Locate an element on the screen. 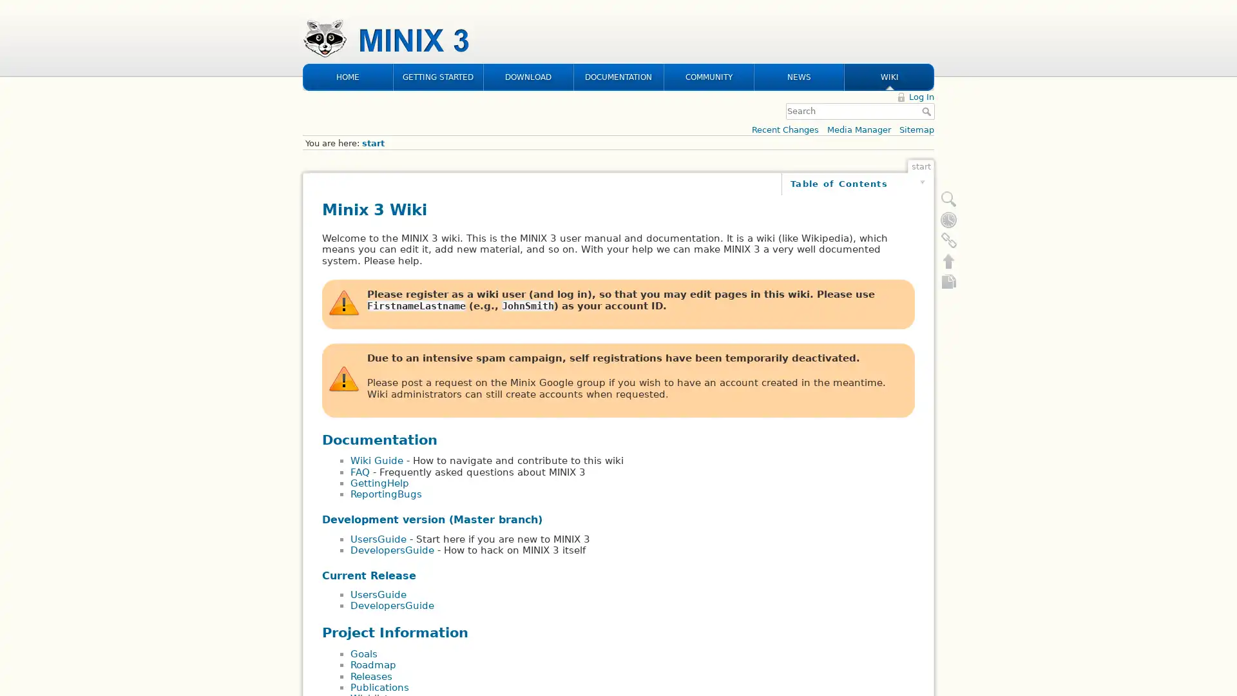  Search is located at coordinates (928, 27).